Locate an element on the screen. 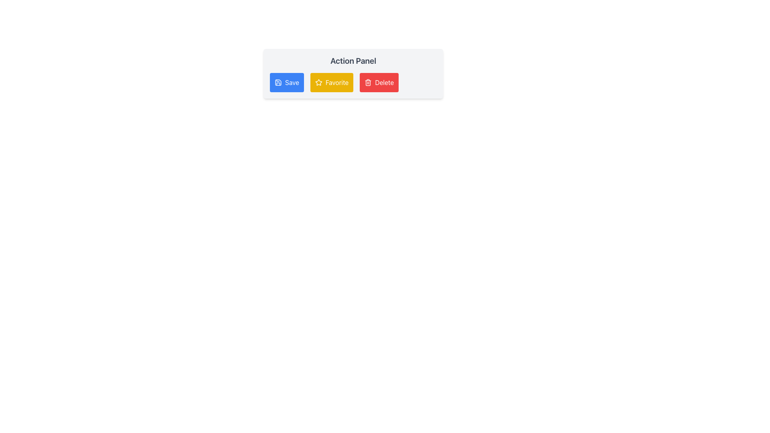  the stylized SVG save icon located in the Action Panel, positioned immediately before the 'Favorite' and 'Delete' buttons is located at coordinates (278, 82).